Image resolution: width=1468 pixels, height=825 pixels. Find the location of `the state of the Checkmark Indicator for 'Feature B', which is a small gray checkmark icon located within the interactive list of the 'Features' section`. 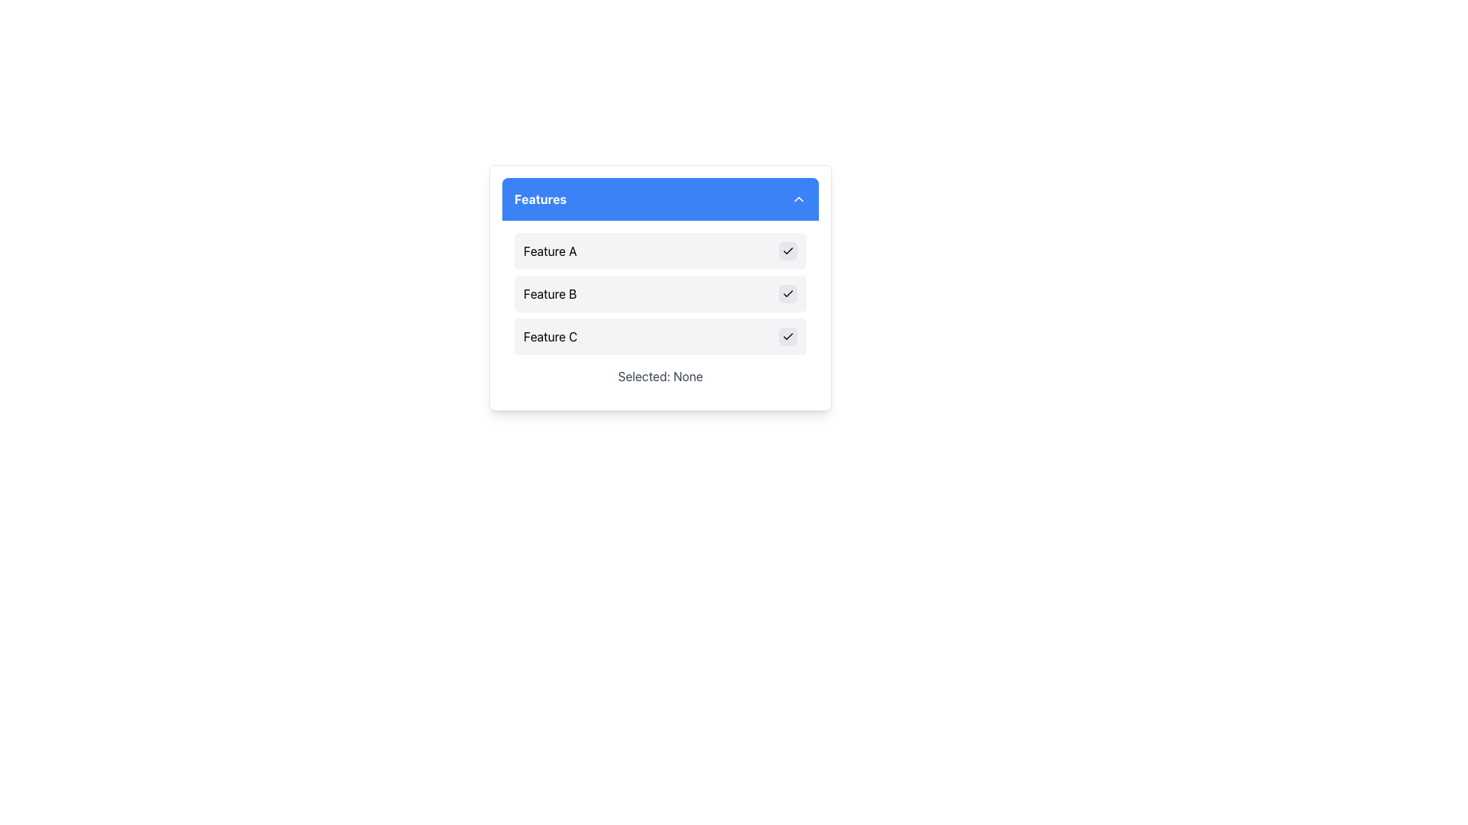

the state of the Checkmark Indicator for 'Feature B', which is a small gray checkmark icon located within the interactive list of the 'Features' section is located at coordinates (788, 294).